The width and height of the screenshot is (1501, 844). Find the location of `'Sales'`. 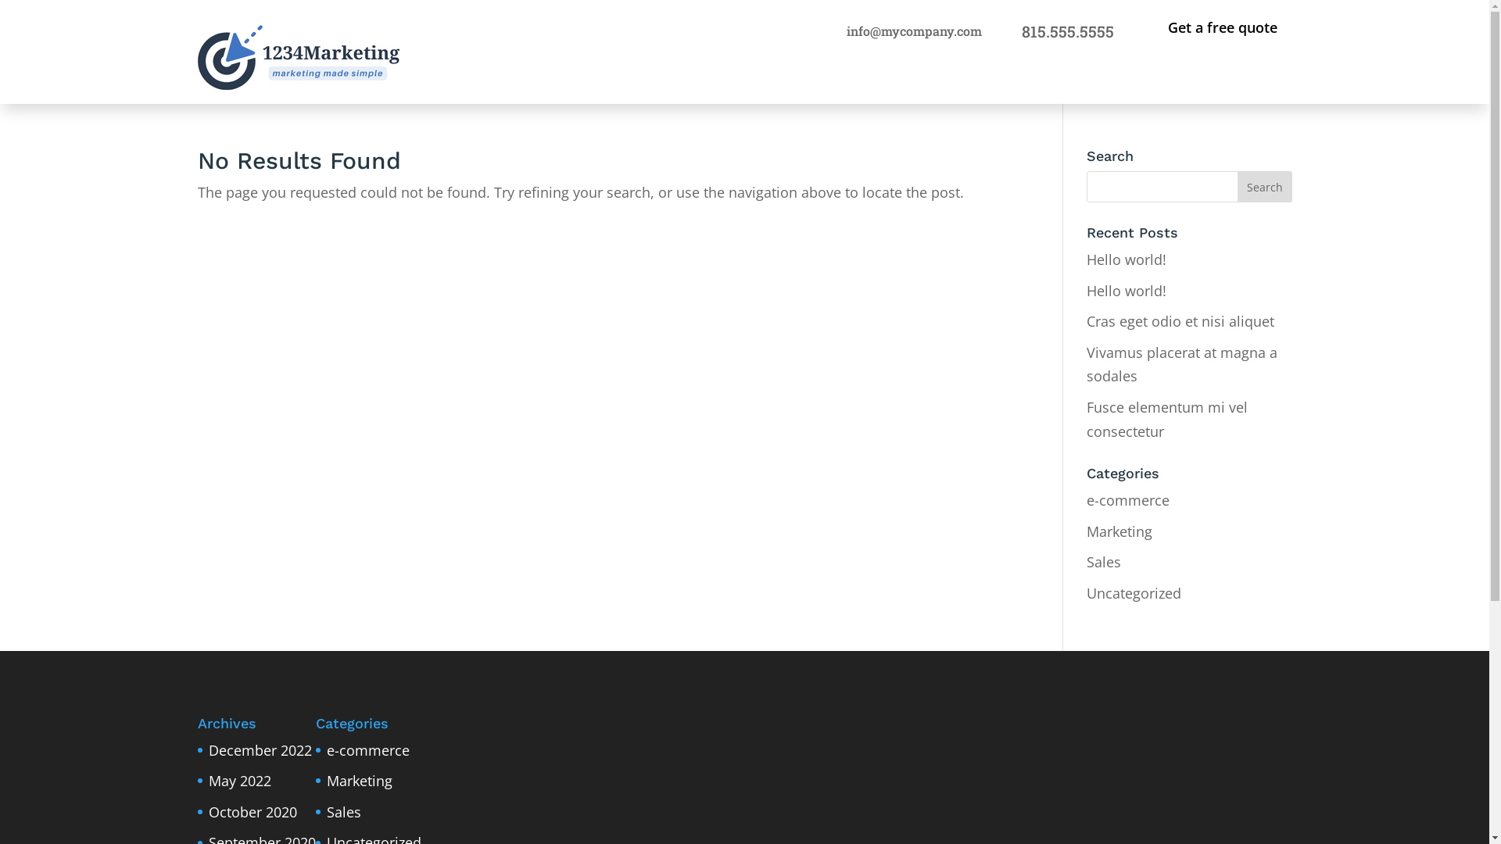

'Sales' is located at coordinates (325, 810).